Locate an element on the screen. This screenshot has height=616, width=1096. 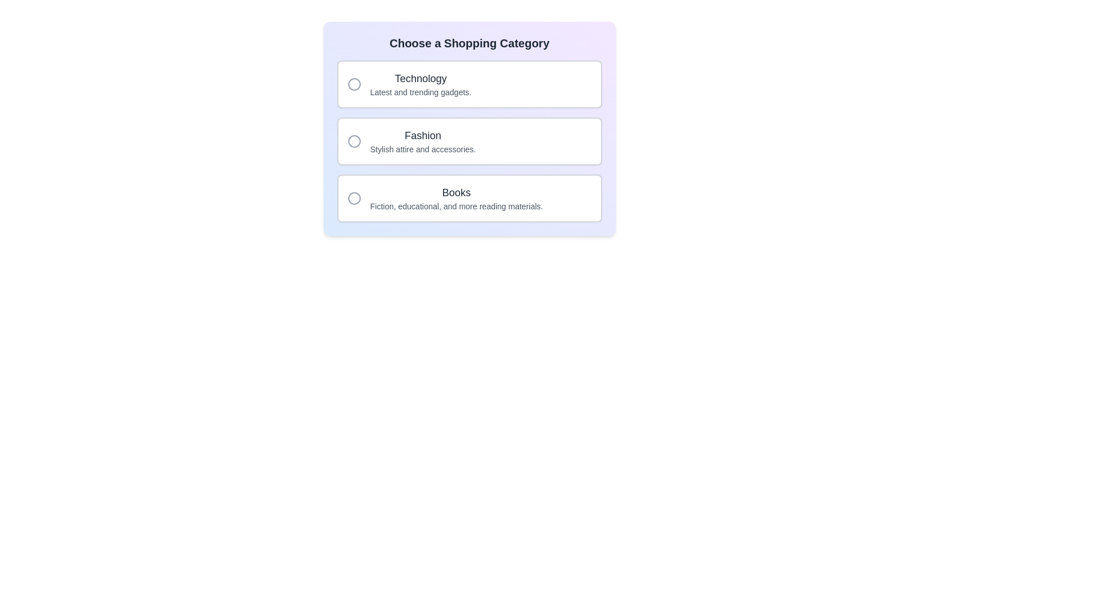
the circular radio button indicator for the option 'Books', which is the third radio button in the list of categories is located at coordinates (353, 197).